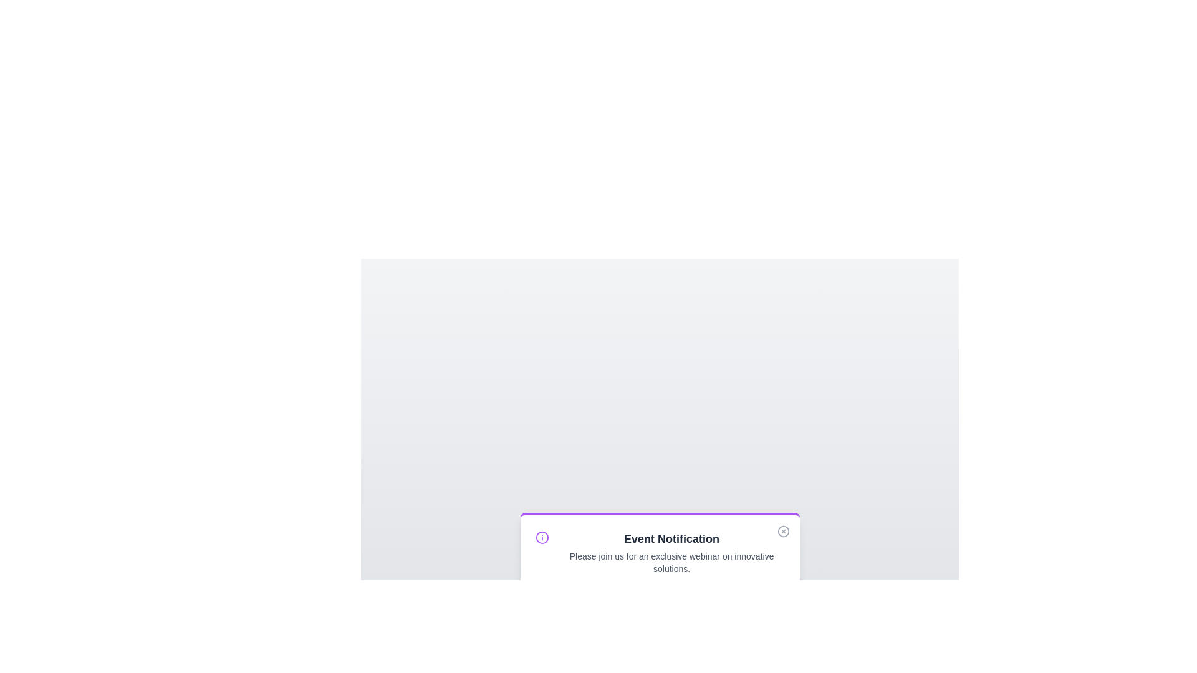 This screenshot has width=1197, height=673. Describe the element at coordinates (541, 537) in the screenshot. I see `the informational icon to inspect it` at that location.